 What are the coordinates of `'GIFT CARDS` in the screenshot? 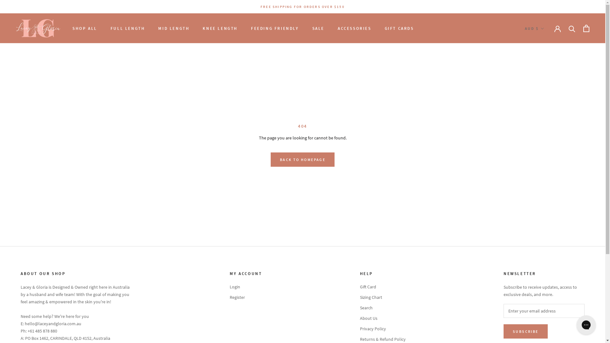 It's located at (399, 28).